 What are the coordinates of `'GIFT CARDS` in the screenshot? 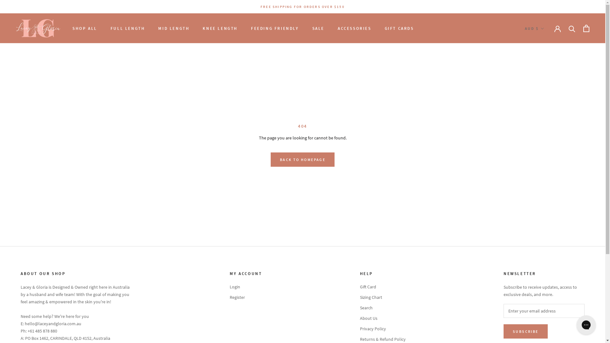 It's located at (399, 28).